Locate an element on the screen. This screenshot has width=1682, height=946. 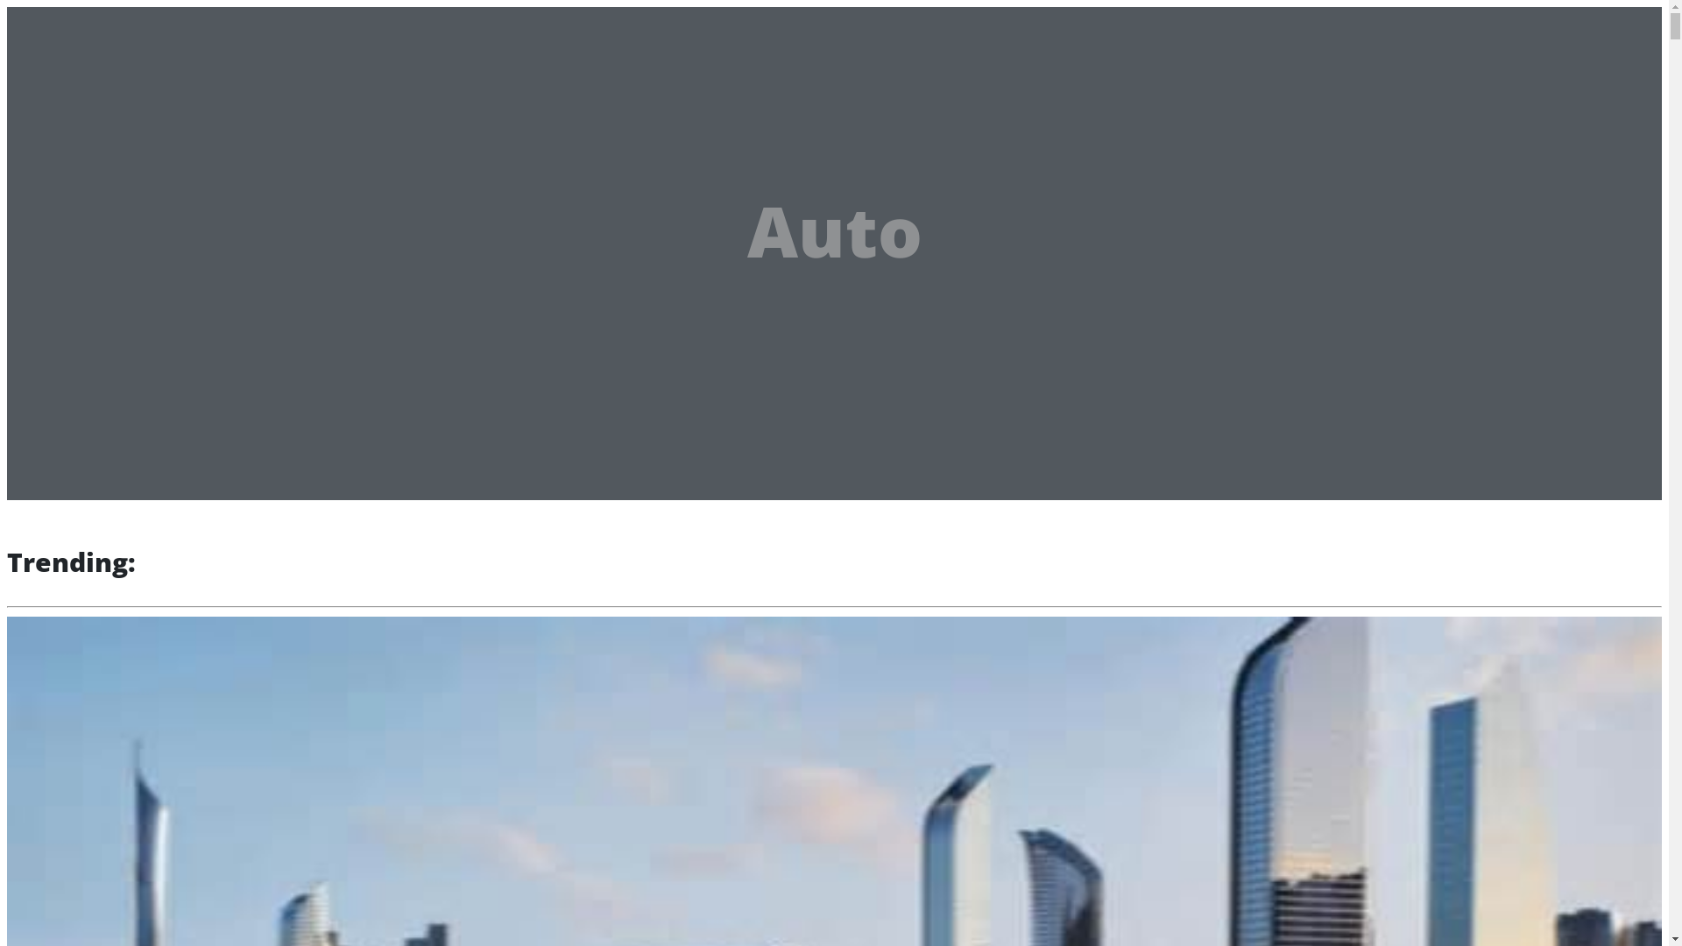
'SDFDSF32FSD' is located at coordinates (98, 101).